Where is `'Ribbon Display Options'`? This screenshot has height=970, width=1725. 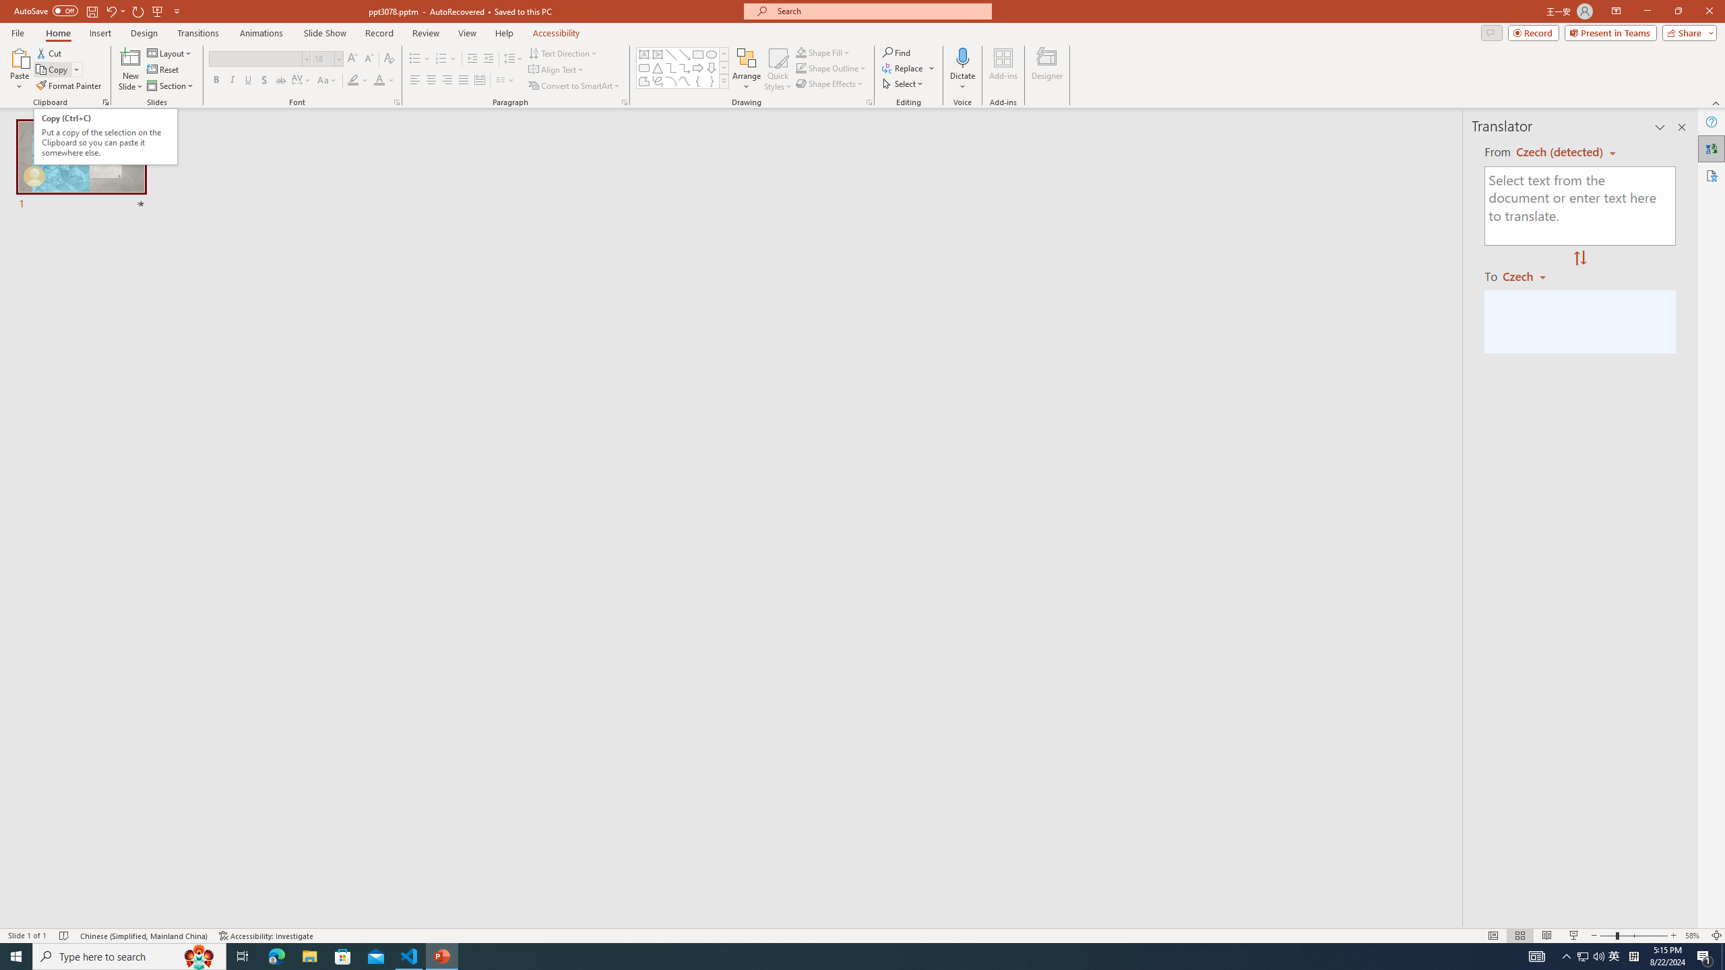
'Ribbon Display Options' is located at coordinates (1615, 11).